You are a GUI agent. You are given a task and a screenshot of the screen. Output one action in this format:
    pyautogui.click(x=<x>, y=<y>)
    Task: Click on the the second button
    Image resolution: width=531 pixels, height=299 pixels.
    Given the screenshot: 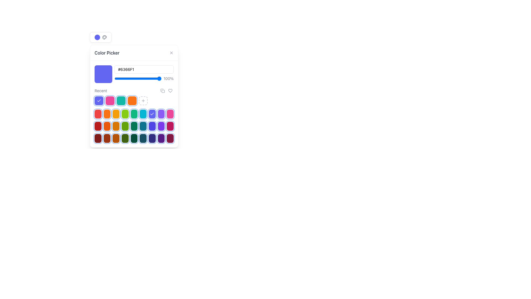 What is the action you would take?
    pyautogui.click(x=170, y=90)
    